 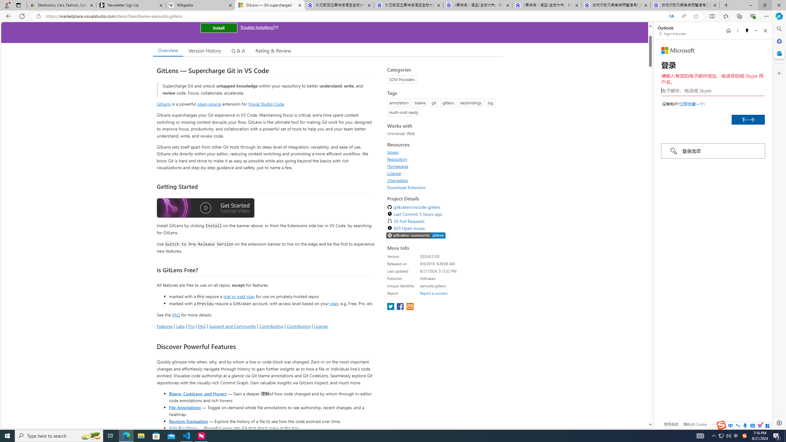 What do you see at coordinates (398, 180) in the screenshot?
I see `'Changelog'` at bounding box center [398, 180].